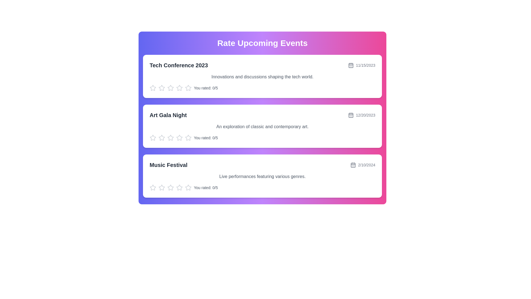  I want to click on on the first star icon in the rating system located below the 'Music Festival' section, so click(153, 187).